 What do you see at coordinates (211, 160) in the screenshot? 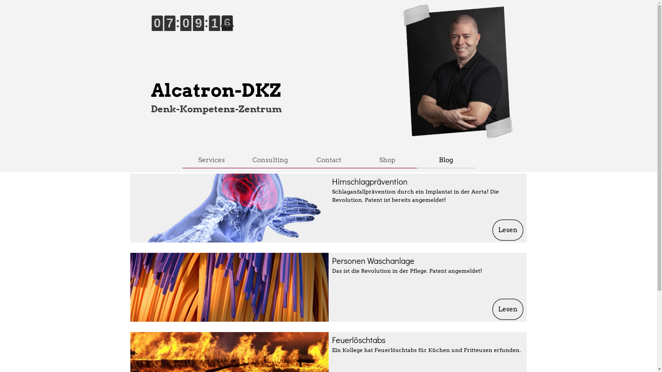
I see `'Services'` at bounding box center [211, 160].